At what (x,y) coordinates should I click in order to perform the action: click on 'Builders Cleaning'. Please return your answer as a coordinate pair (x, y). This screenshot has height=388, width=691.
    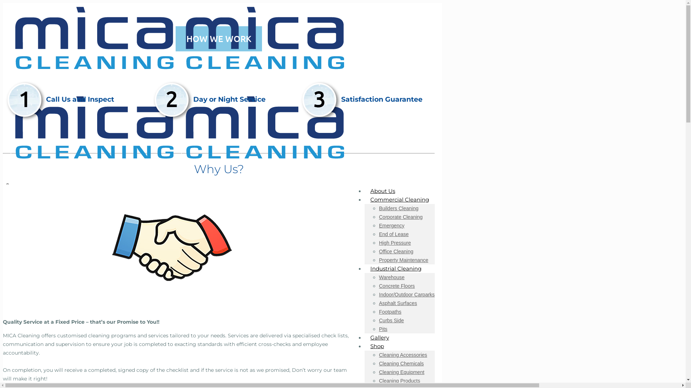
    Looking at the image, I should click on (378, 208).